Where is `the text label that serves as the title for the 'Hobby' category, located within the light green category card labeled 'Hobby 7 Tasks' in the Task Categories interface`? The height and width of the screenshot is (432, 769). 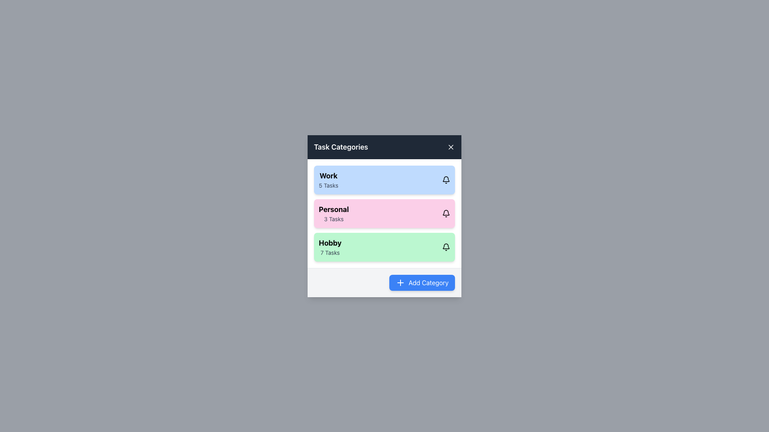
the text label that serves as the title for the 'Hobby' category, located within the light green category card labeled 'Hobby 7 Tasks' in the Task Categories interface is located at coordinates (330, 242).